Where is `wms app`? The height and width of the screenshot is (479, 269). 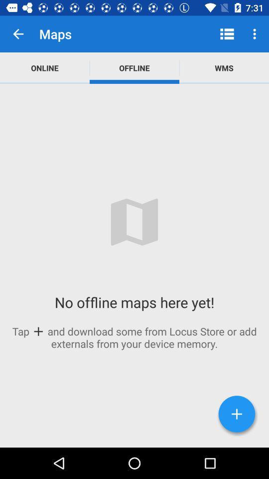 wms app is located at coordinates (224, 67).